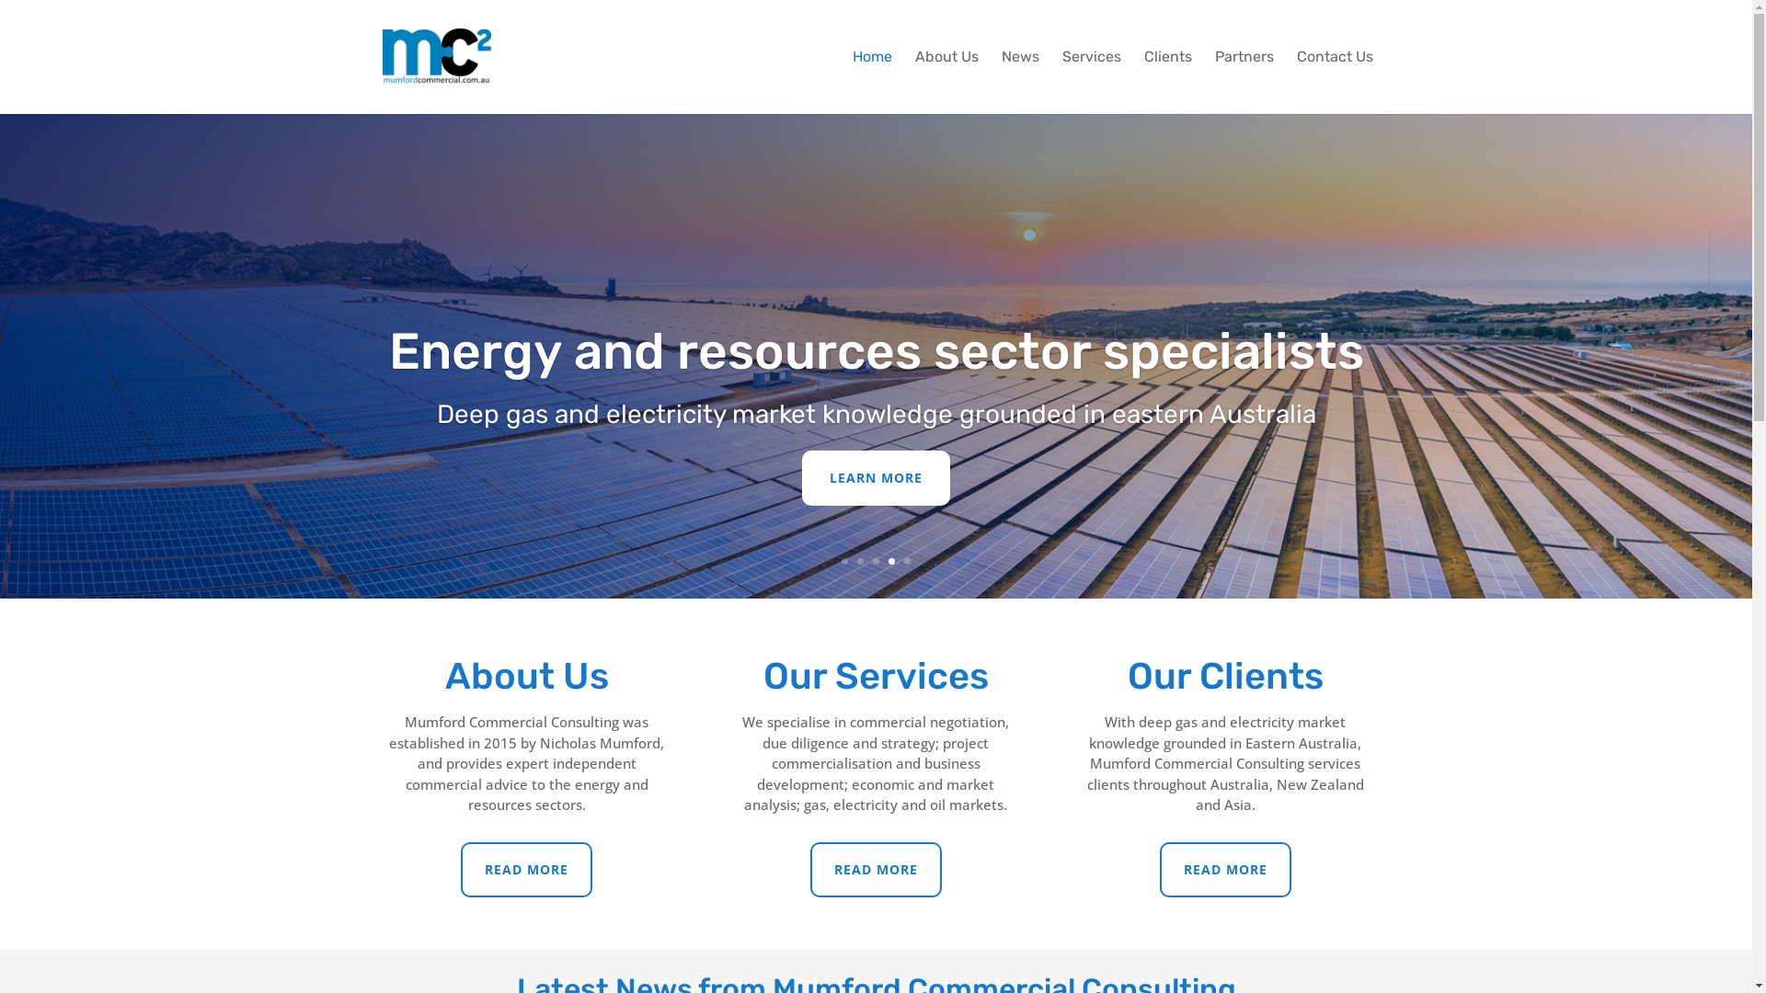 This screenshot has width=1766, height=993. Describe the element at coordinates (875, 477) in the screenshot. I see `'LEARN MORE'` at that location.